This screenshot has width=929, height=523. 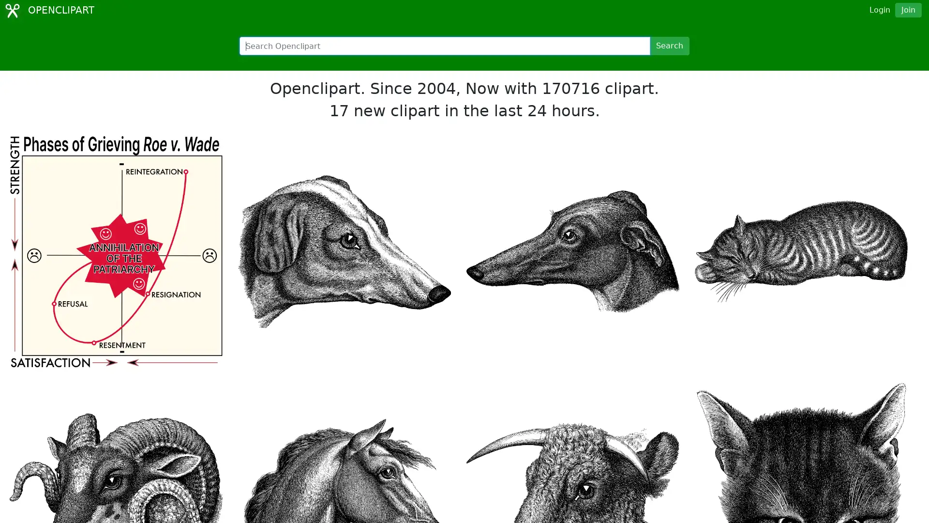 I want to click on Search, so click(x=669, y=46).